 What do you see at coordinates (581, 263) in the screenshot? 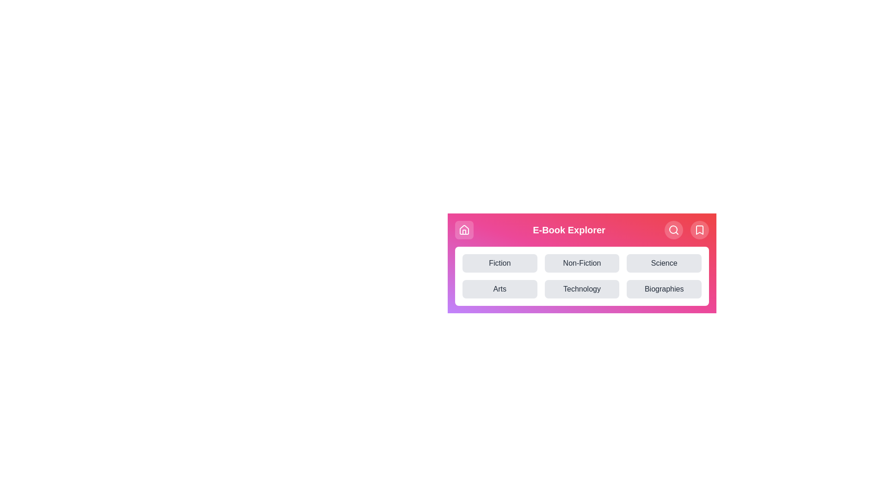
I see `the category button labeled Non-Fiction` at bounding box center [581, 263].